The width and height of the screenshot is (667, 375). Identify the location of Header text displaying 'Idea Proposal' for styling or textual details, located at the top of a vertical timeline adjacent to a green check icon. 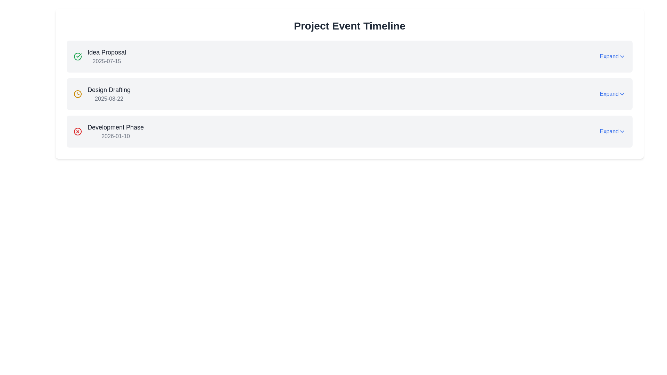
(106, 52).